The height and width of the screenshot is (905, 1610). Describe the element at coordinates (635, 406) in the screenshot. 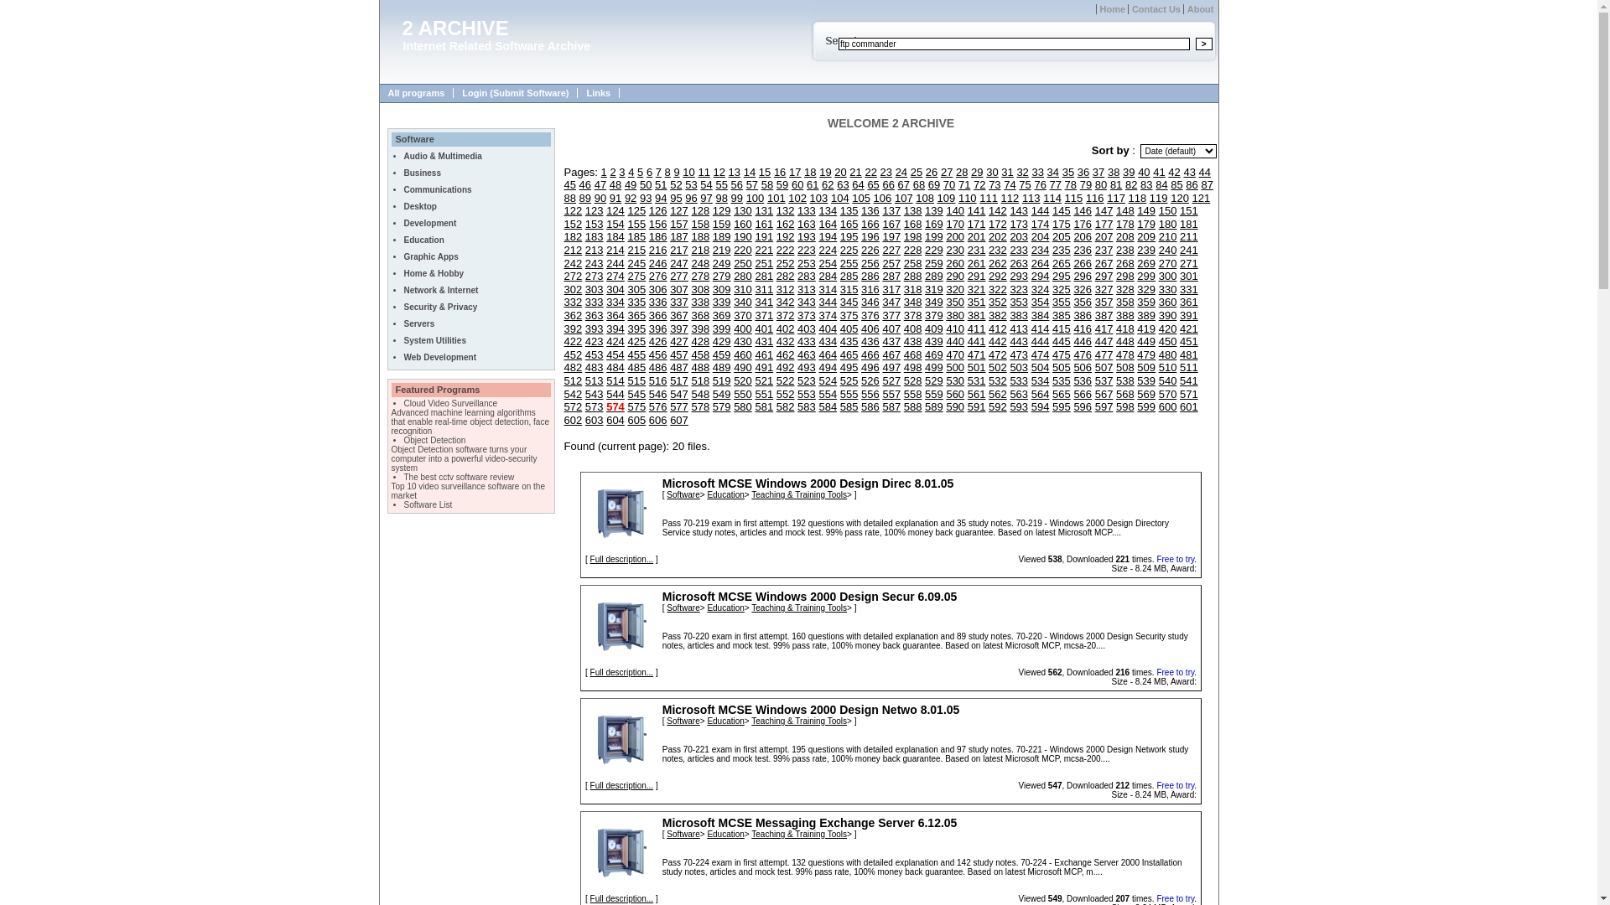

I see `'575'` at that location.